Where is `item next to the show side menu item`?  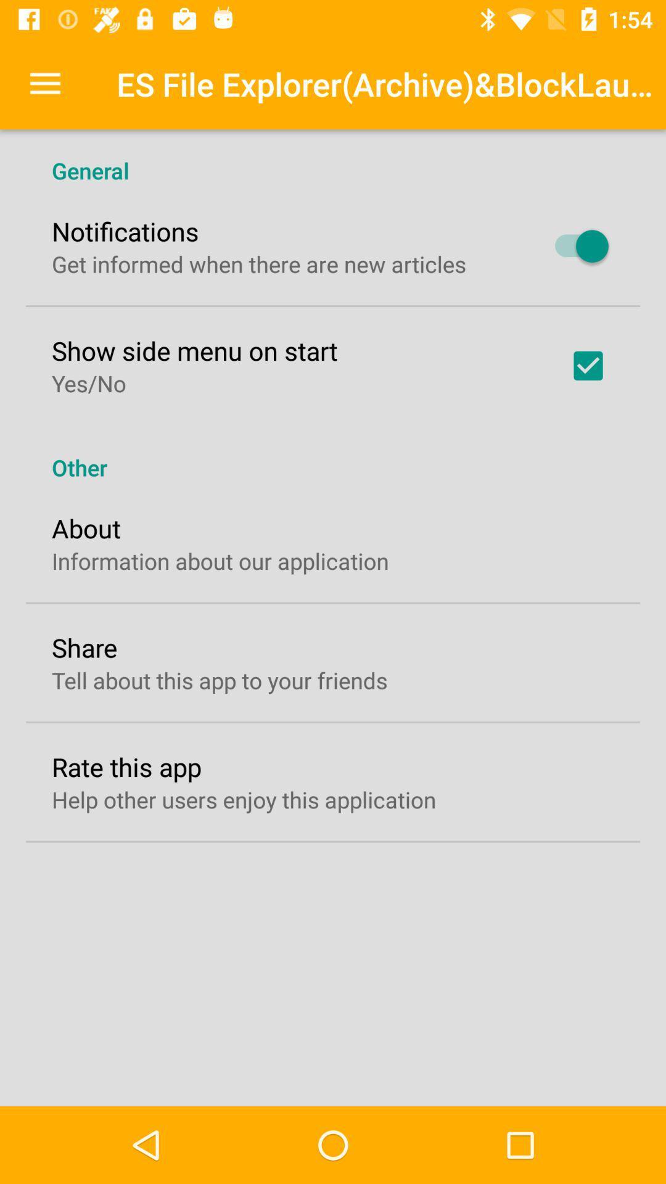
item next to the show side menu item is located at coordinates (587, 365).